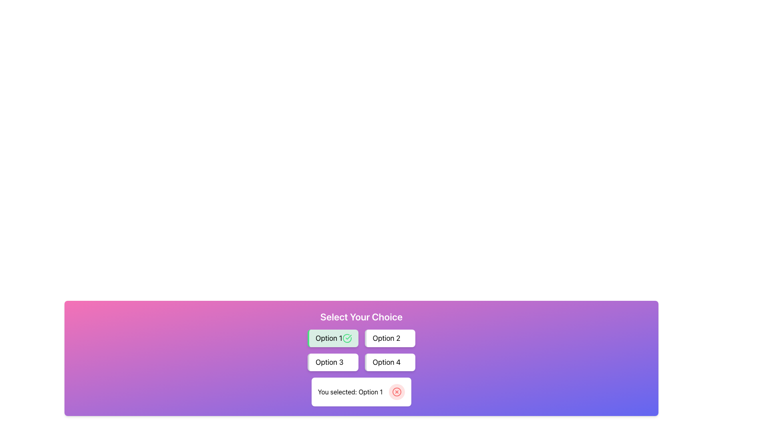 This screenshot has height=432, width=769. I want to click on the button labeled 'Option 4' located in the bottom-right quadrant of the grid, so click(390, 362).